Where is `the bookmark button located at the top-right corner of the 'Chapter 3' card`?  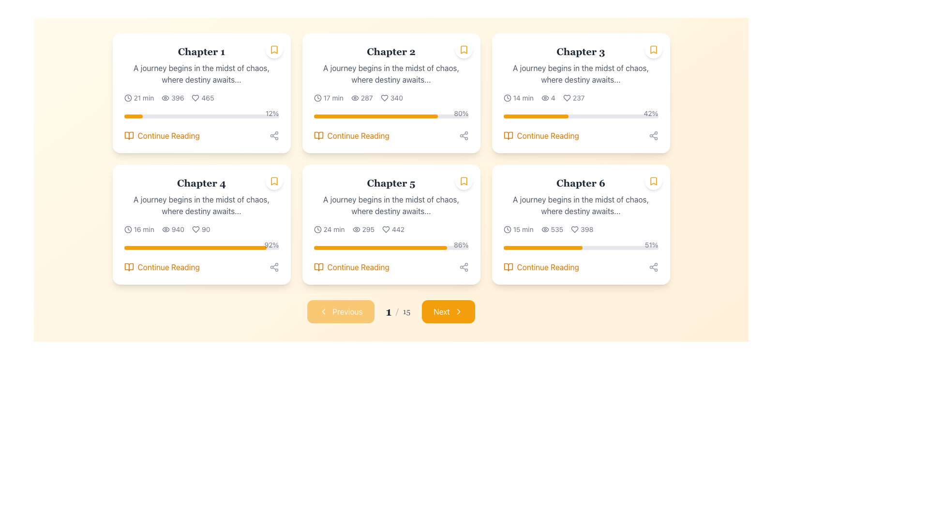
the bookmark button located at the top-right corner of the 'Chapter 3' card is located at coordinates (653, 50).